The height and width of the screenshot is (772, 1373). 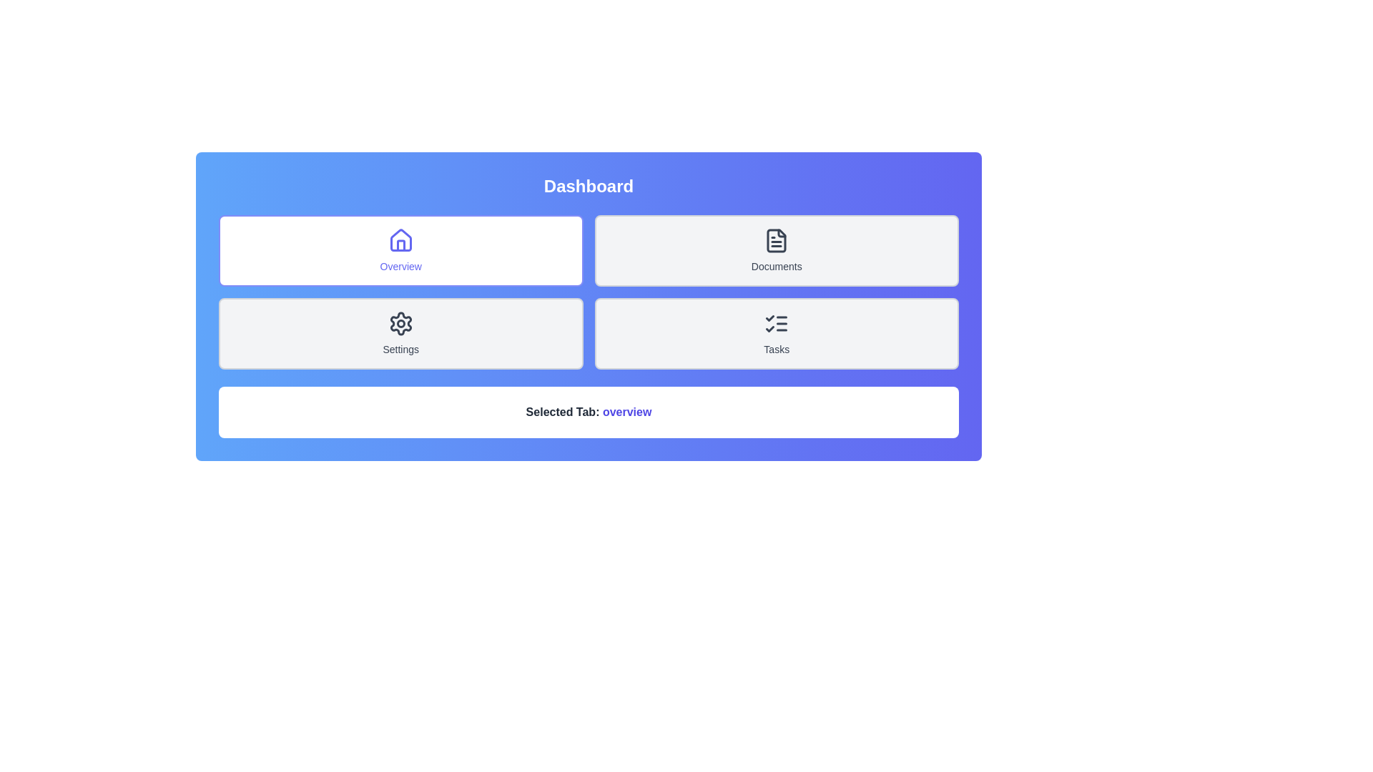 I want to click on the circular element that is part of the cogwheel icon in the 'Settings' section located in the second row, first column of the grid layout, so click(x=400, y=323).